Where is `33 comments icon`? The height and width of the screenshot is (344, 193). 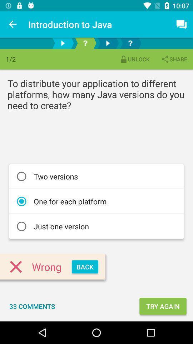
33 comments icon is located at coordinates (32, 306).